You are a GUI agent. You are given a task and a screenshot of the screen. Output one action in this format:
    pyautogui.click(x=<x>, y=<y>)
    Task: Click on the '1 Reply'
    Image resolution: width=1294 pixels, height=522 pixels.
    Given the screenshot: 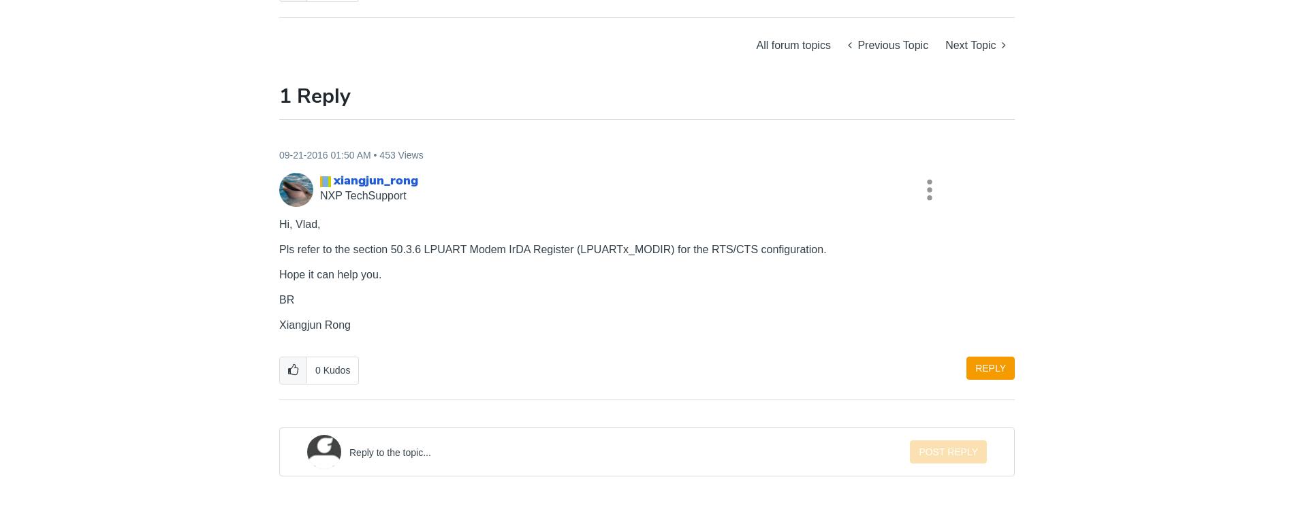 What is the action you would take?
    pyautogui.click(x=314, y=95)
    